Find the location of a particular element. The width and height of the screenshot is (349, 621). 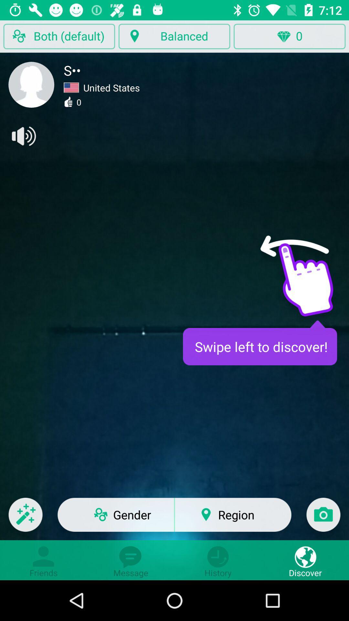

magic wand is located at coordinates (25, 519).